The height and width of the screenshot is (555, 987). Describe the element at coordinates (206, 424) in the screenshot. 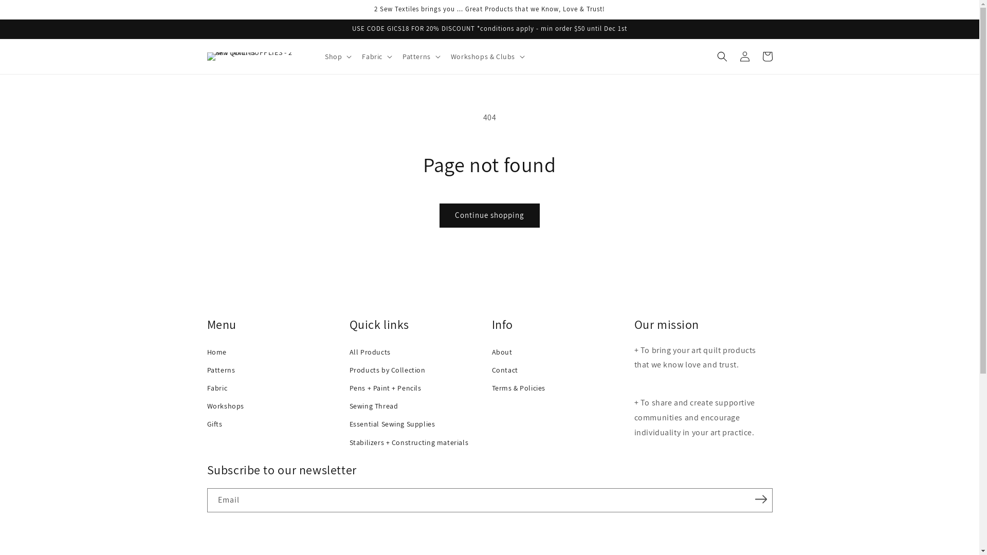

I see `'Gifts'` at that location.